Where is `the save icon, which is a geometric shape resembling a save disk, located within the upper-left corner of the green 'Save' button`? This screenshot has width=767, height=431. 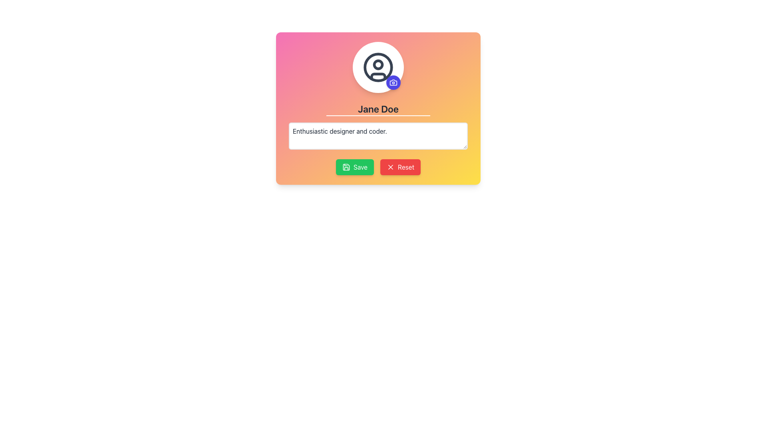
the save icon, which is a geometric shape resembling a save disk, located within the upper-left corner of the green 'Save' button is located at coordinates (346, 167).